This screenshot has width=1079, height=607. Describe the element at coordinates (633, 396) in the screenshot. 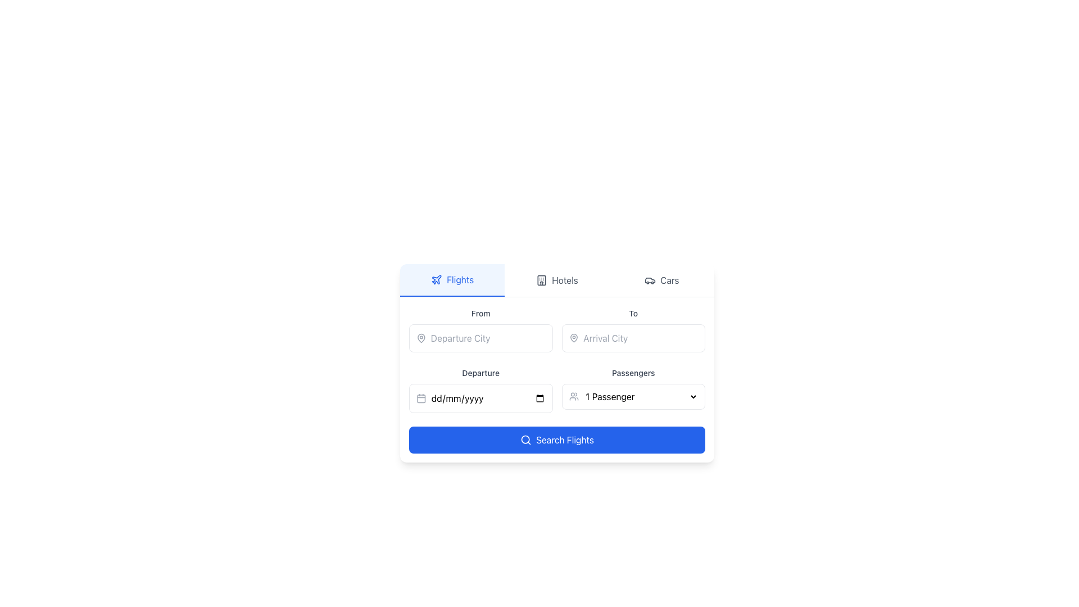

I see `the dropdown selector for the number of passengers located under the 'Passengers' section, directly below the label 'Passengers', to enable accessibility navigation` at that location.